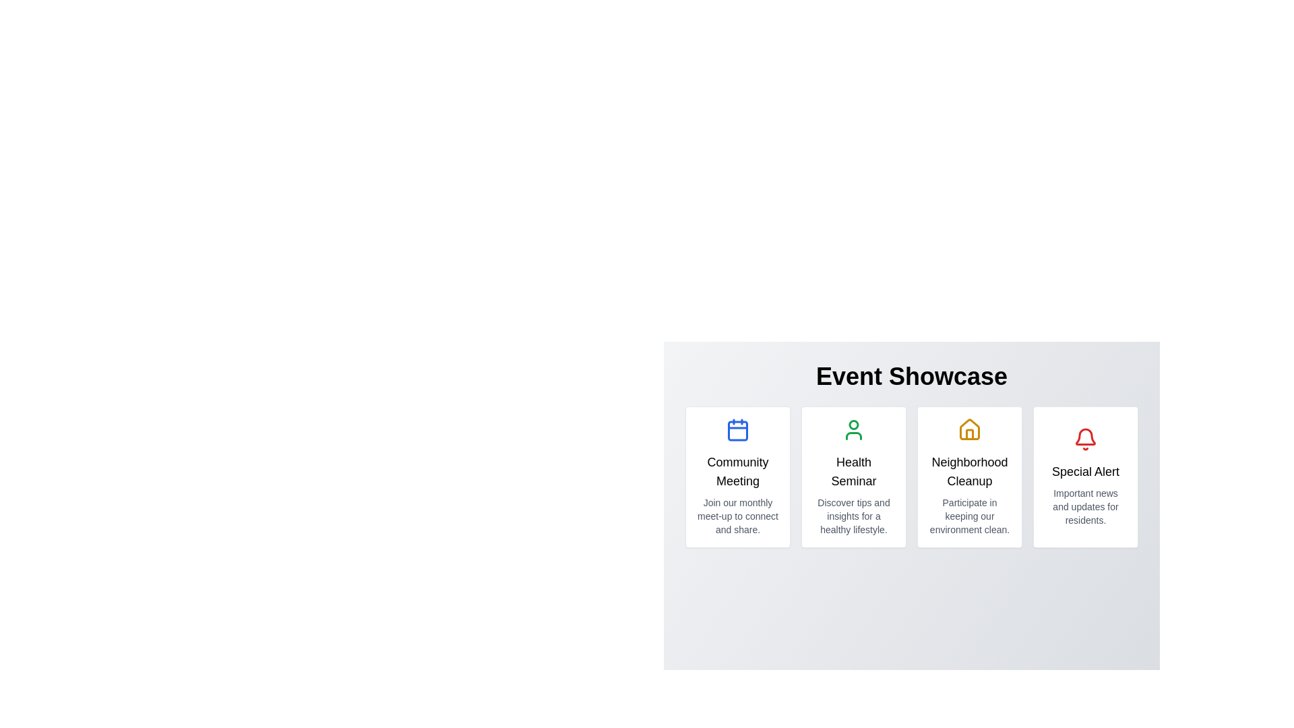 Image resolution: width=1294 pixels, height=728 pixels. Describe the element at coordinates (969, 516) in the screenshot. I see `the text block that reads 'Participate in keeping our environment clean.', which is styled in gray and located below the 'Neighborhood Cleanup' header in the third card of a four-card grid layout` at that location.